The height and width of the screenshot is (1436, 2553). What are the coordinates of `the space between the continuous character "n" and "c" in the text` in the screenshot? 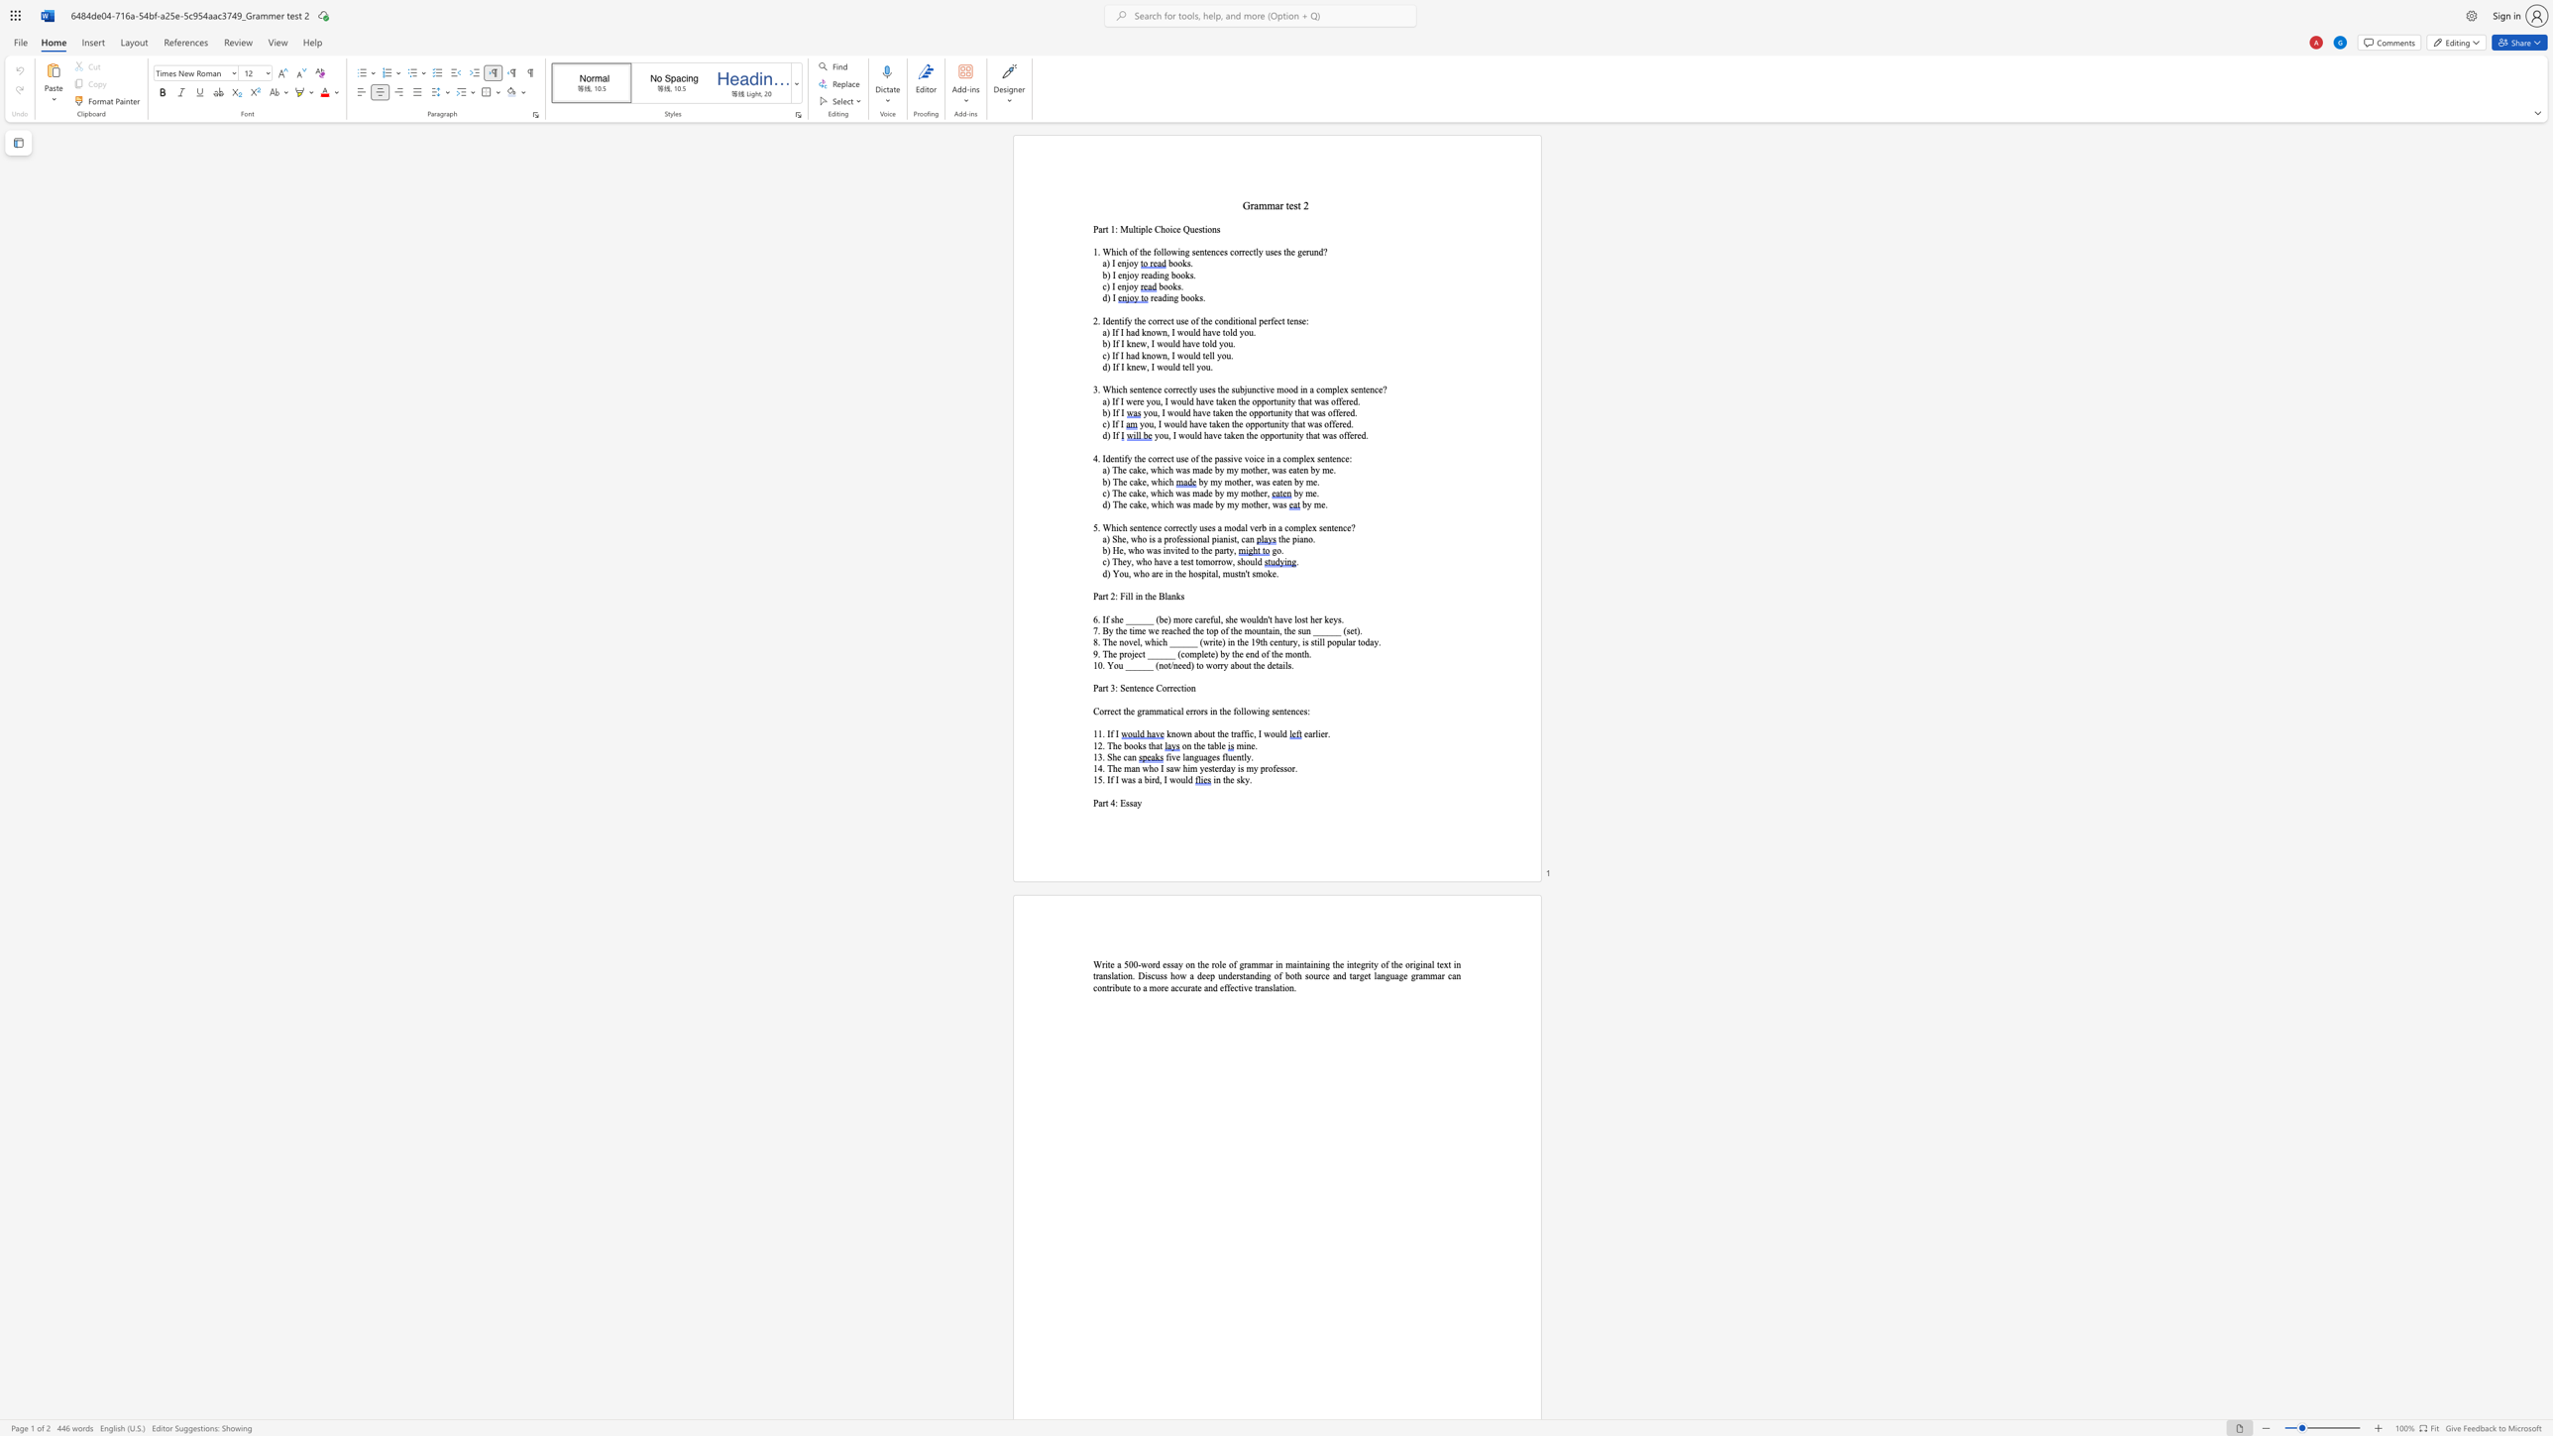 It's located at (1215, 252).